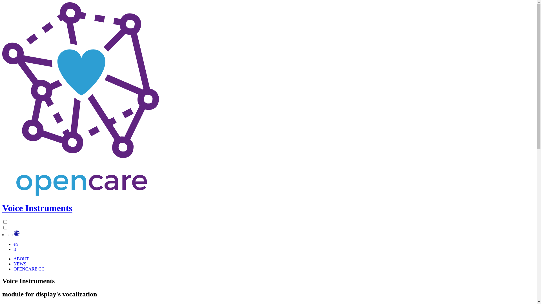  What do you see at coordinates (21, 259) in the screenshot?
I see `'ABOUT'` at bounding box center [21, 259].